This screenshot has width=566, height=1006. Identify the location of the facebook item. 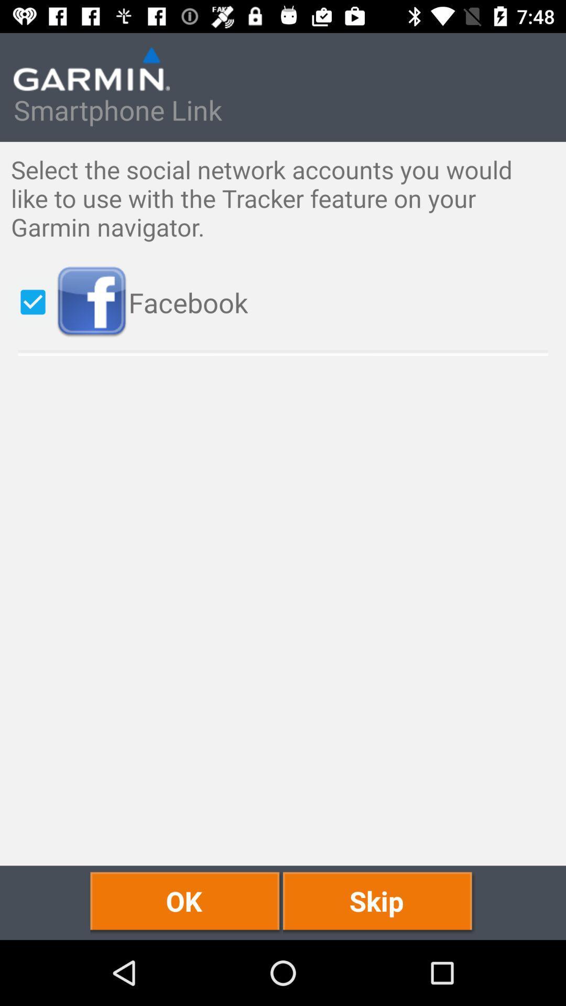
(305, 302).